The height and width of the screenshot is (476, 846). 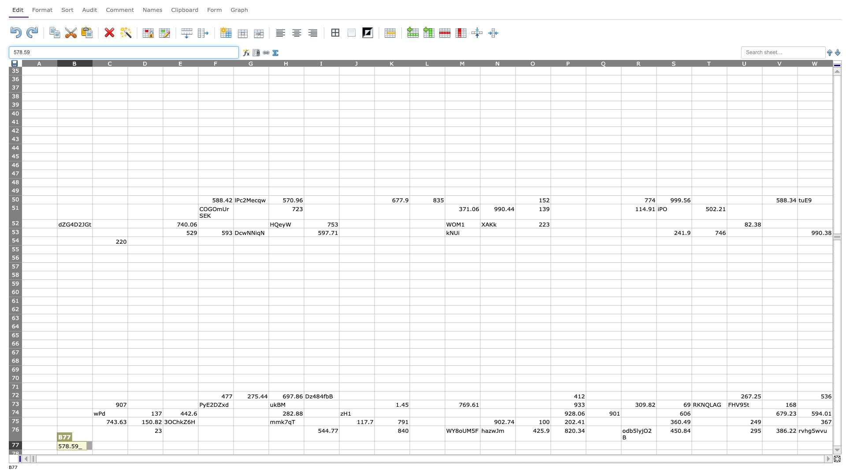 I want to click on Top left corner of C-77, so click(x=93, y=441).